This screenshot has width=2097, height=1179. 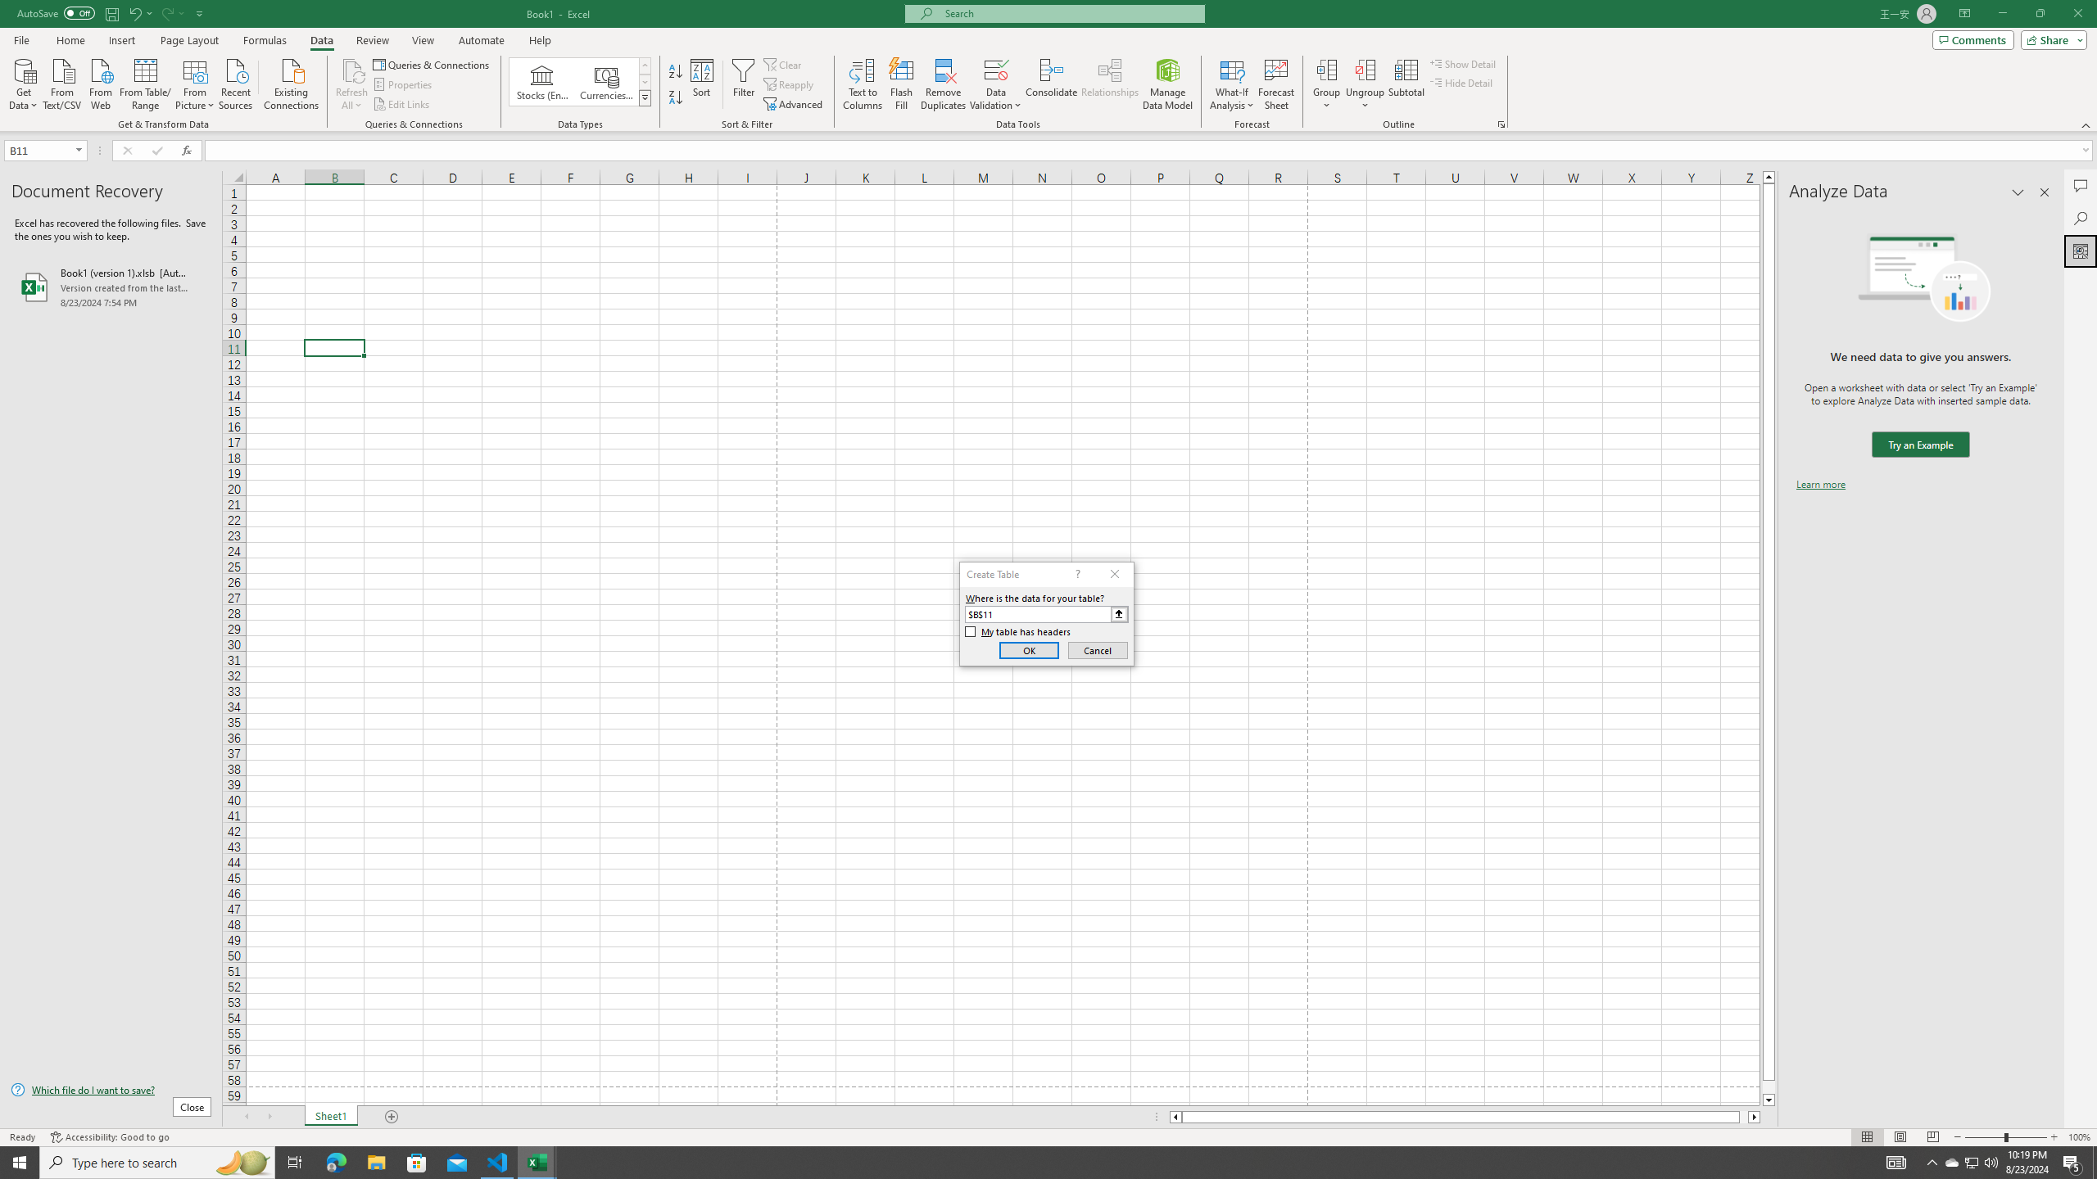 What do you see at coordinates (1365, 69) in the screenshot?
I see `'Ungroup...'` at bounding box center [1365, 69].